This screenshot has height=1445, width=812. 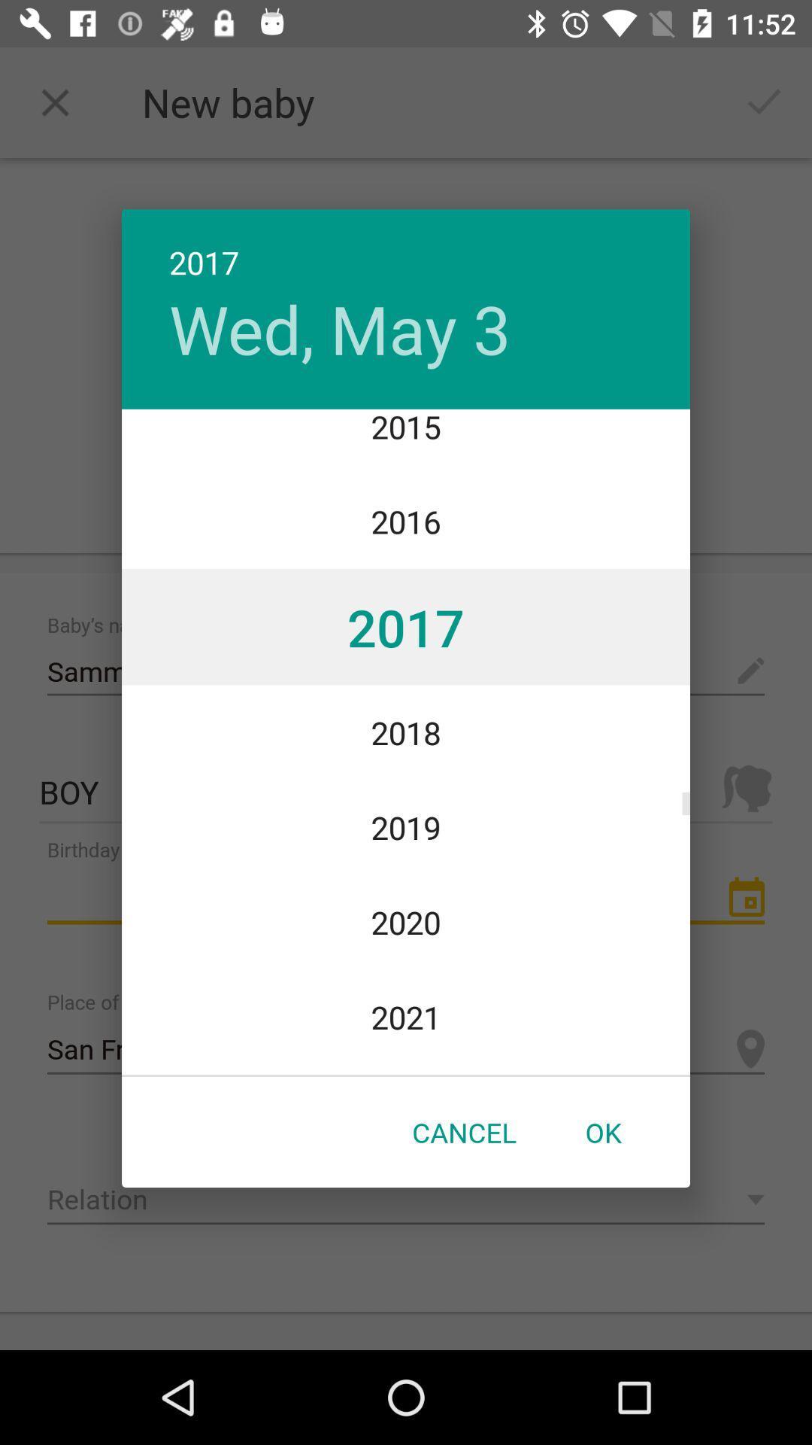 What do you see at coordinates (340, 327) in the screenshot?
I see `the item below the 2017 item` at bounding box center [340, 327].